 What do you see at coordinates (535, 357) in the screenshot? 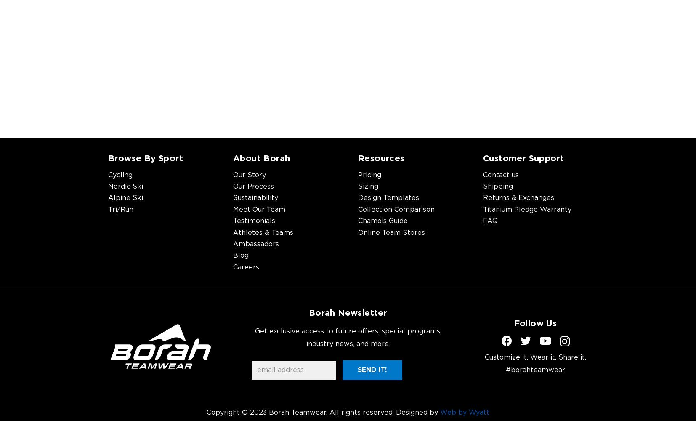
I see `'Customize it. Wear it. Share it.'` at bounding box center [535, 357].